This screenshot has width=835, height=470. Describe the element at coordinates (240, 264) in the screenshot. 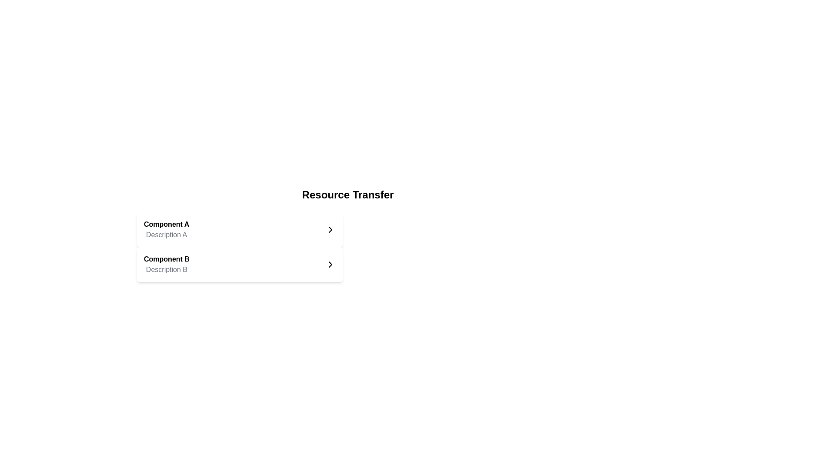

I see `the interactive card or list item component related to 'Component B' located beneath 'Component A' in the vertically stacked list` at that location.